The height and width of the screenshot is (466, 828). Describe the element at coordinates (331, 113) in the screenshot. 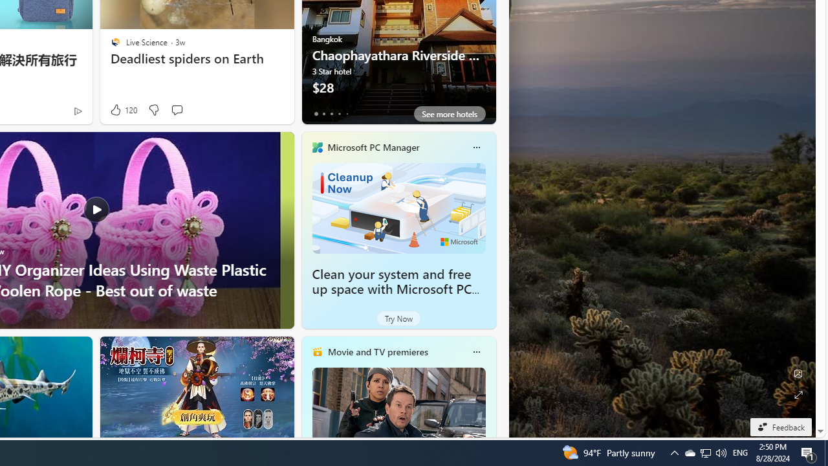

I see `'tab-2'` at that location.